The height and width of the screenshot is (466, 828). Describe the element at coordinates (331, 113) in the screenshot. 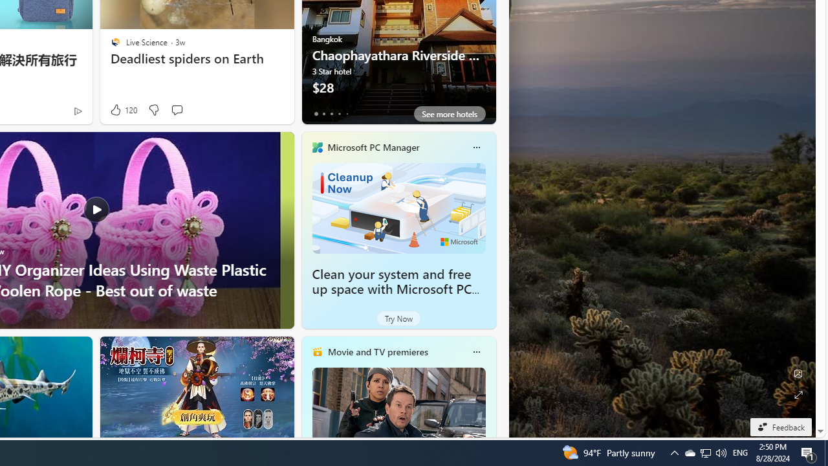

I see `'tab-2'` at that location.